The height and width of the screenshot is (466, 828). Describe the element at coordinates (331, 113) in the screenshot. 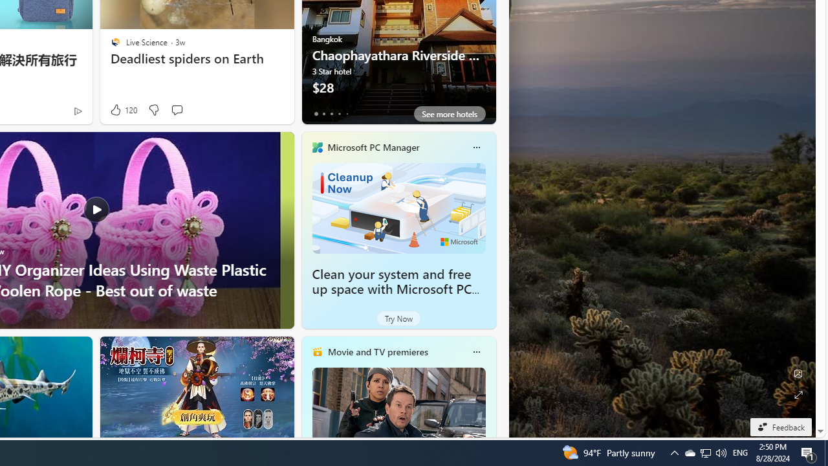

I see `'tab-2'` at that location.